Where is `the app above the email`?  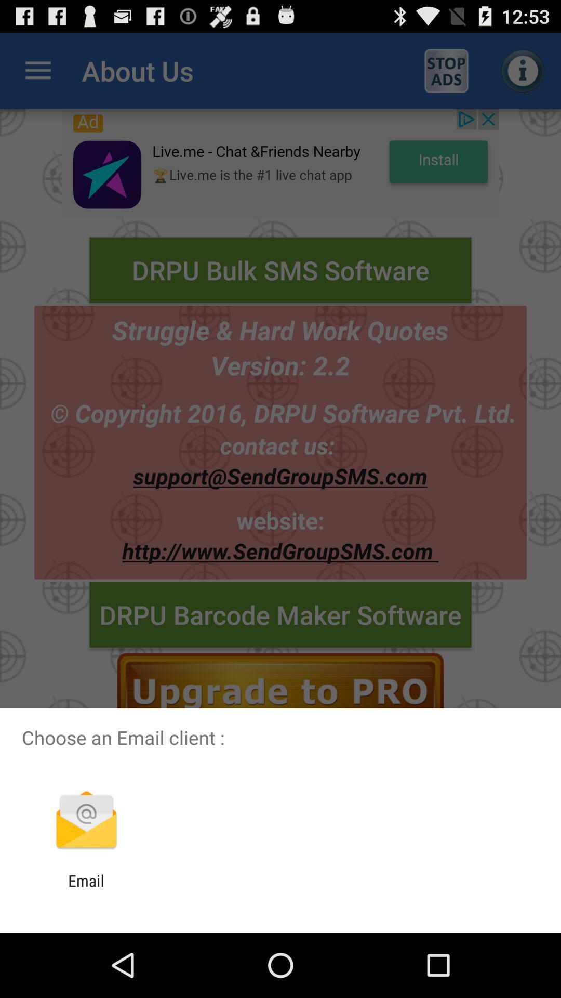 the app above the email is located at coordinates (86, 821).